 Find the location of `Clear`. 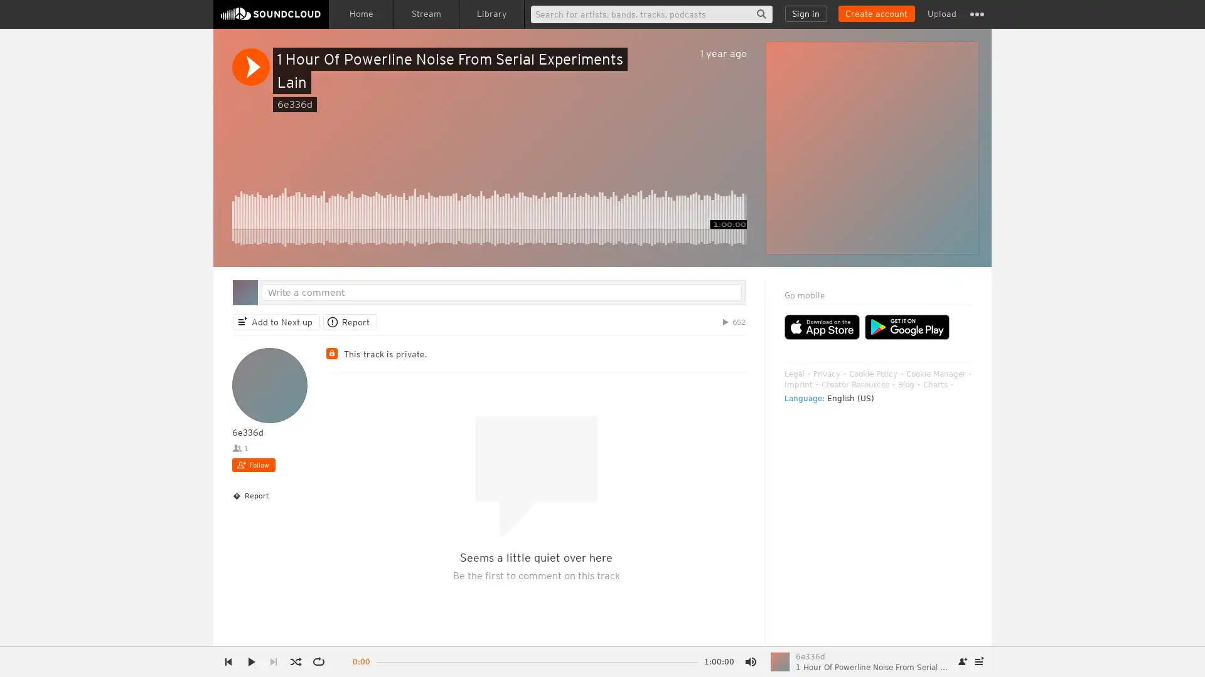

Clear is located at coordinates (930, 311).